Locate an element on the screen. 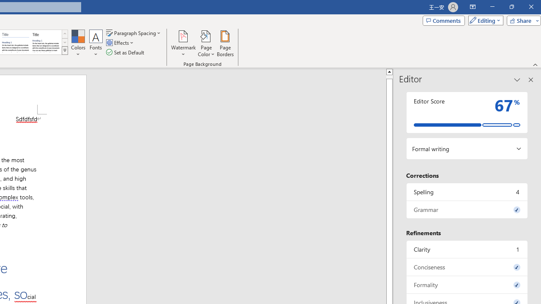  'Fonts' is located at coordinates (96, 43).